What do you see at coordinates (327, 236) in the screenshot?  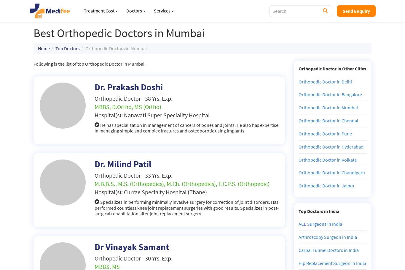 I see `'Arthroscopy Surgeon in India'` at bounding box center [327, 236].